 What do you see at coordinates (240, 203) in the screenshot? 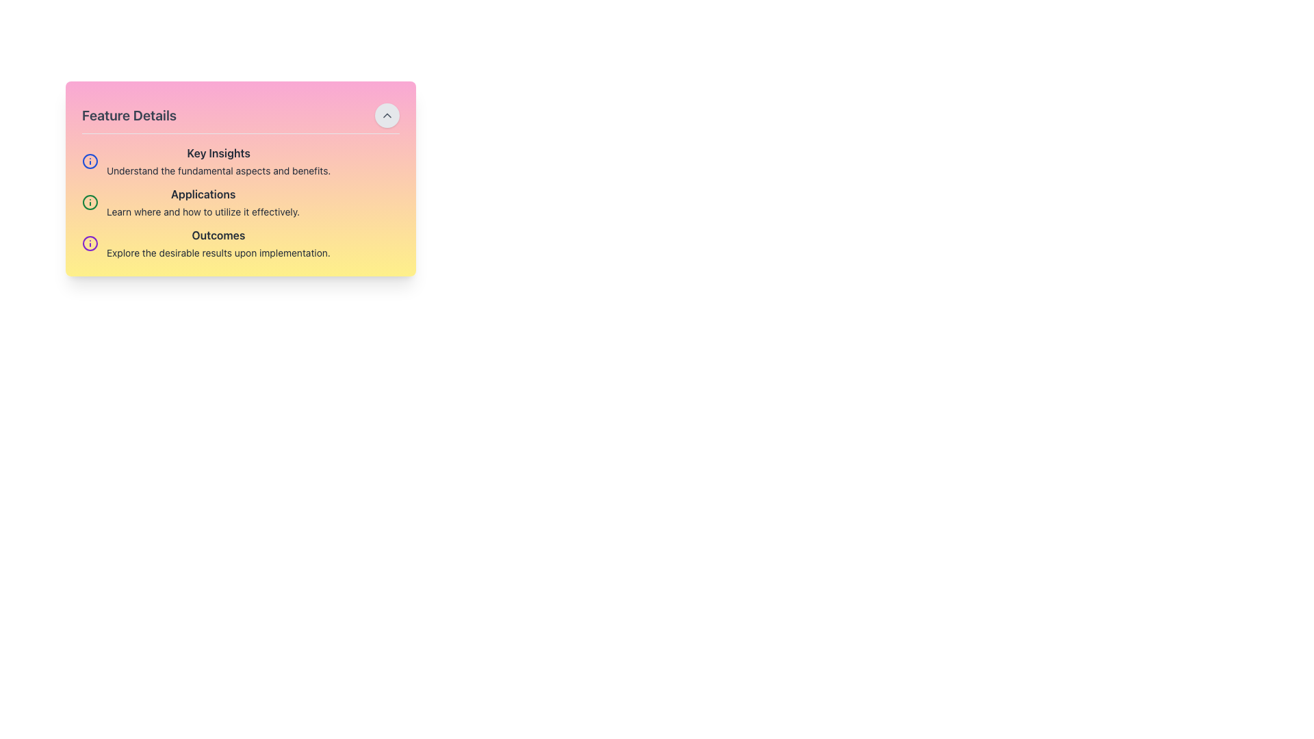
I see `information presented in the 'Applications' section, which includes the title and description about utilizing it effectively` at bounding box center [240, 203].